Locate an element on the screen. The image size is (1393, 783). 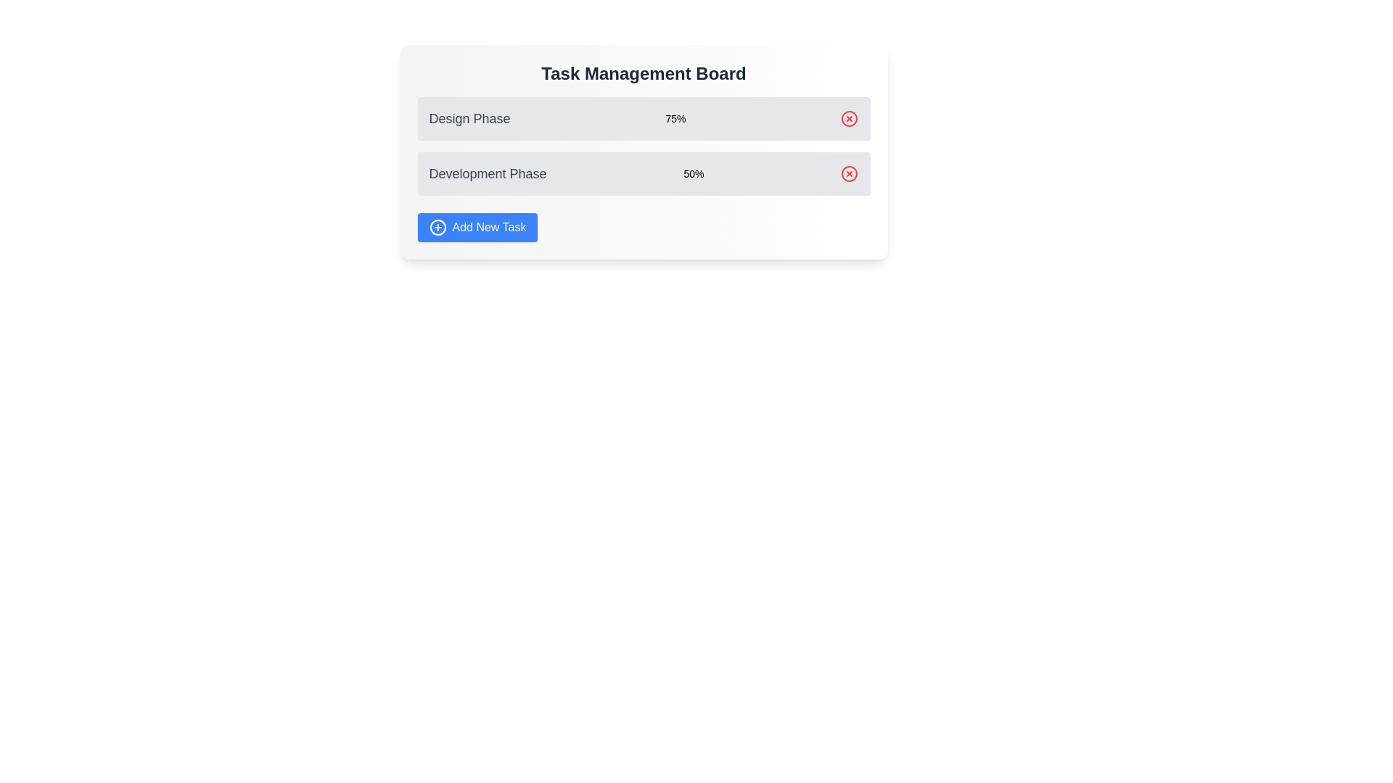
the red circular Interactive Icon with an 'X' symbol is located at coordinates (850, 118).